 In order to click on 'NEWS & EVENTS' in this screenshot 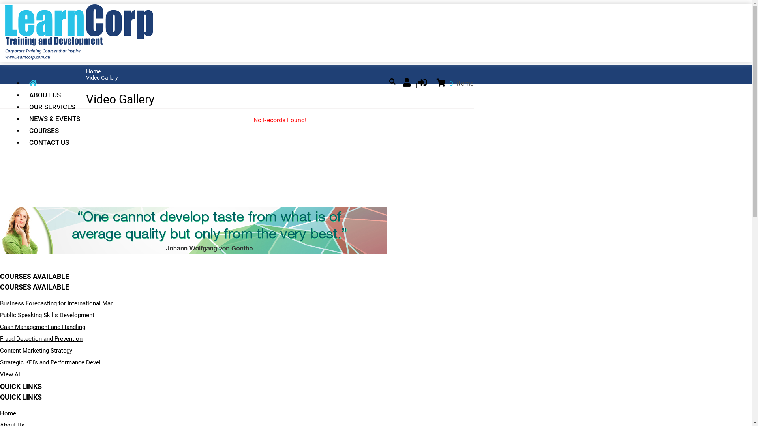, I will do `click(54, 118)`.